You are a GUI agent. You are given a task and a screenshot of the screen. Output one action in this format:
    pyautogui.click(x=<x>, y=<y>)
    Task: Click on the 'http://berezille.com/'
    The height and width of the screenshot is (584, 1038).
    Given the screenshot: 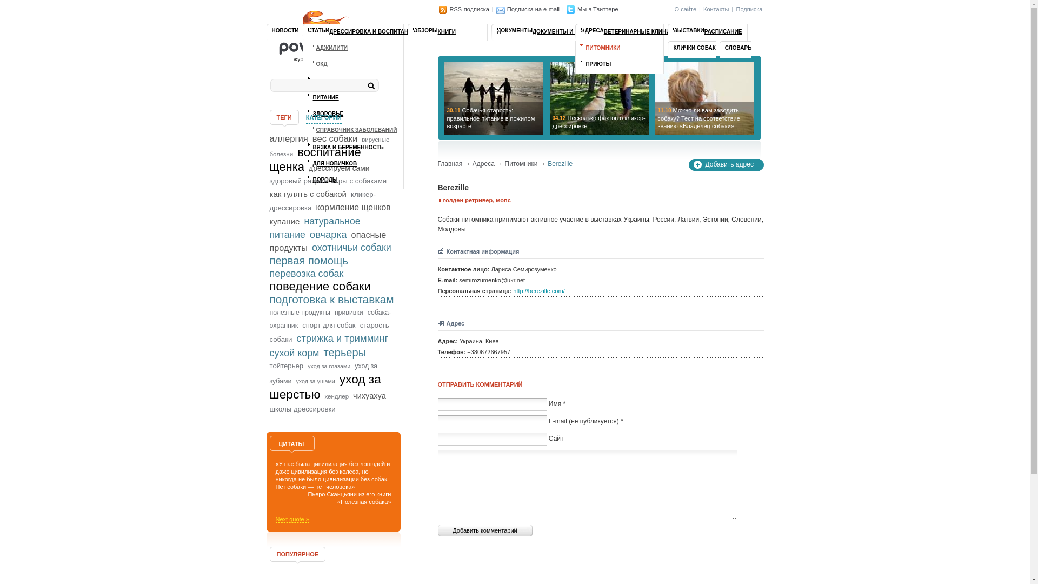 What is the action you would take?
    pyautogui.click(x=538, y=290)
    